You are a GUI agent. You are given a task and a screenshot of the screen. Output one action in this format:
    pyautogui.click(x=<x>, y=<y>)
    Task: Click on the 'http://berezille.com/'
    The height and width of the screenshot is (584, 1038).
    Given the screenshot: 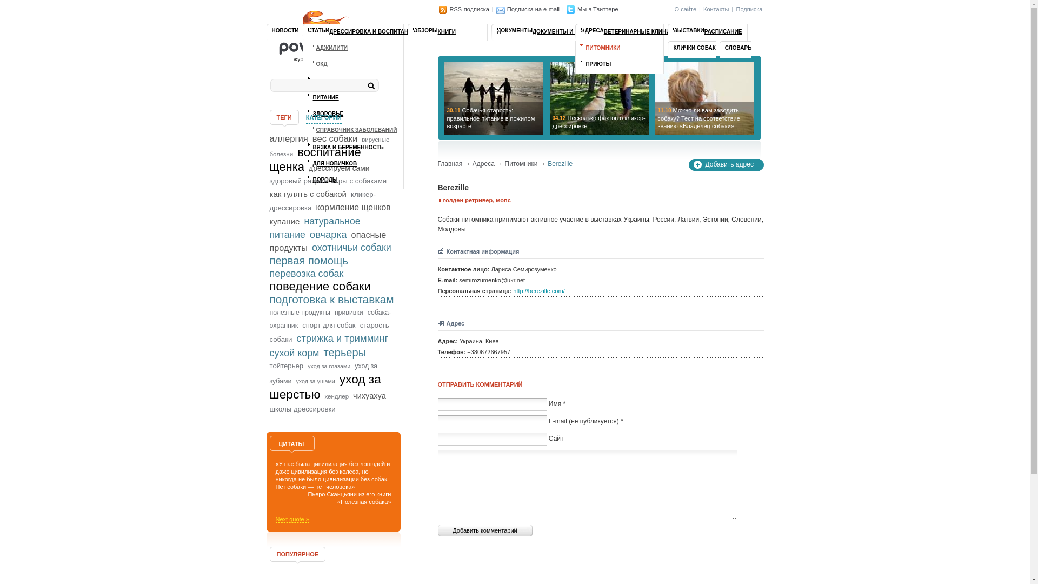 What is the action you would take?
    pyautogui.click(x=538, y=290)
    